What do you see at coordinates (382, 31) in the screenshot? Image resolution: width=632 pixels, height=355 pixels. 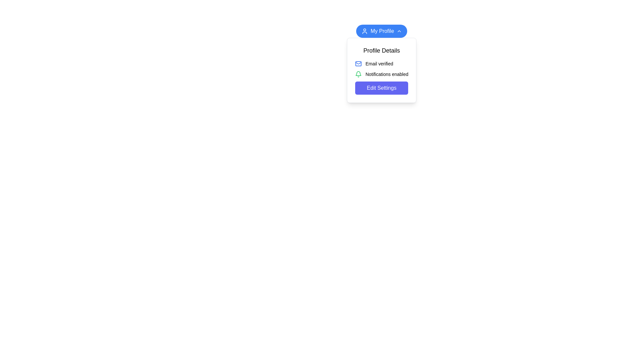 I see `the 'My Profile' button with a blue background and white text` at bounding box center [382, 31].